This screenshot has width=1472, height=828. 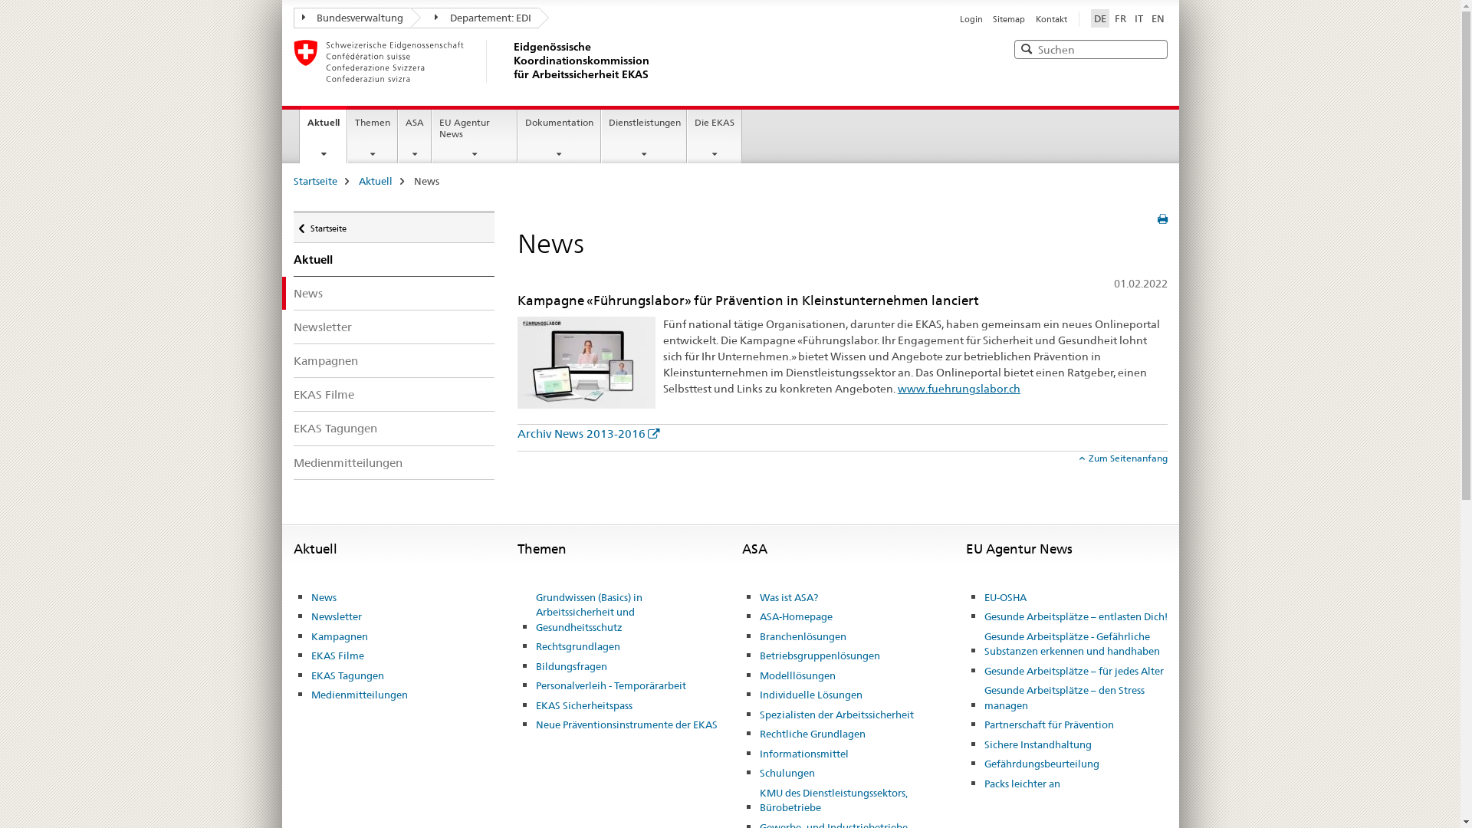 I want to click on 'Departement: EDI', so click(x=474, y=18).